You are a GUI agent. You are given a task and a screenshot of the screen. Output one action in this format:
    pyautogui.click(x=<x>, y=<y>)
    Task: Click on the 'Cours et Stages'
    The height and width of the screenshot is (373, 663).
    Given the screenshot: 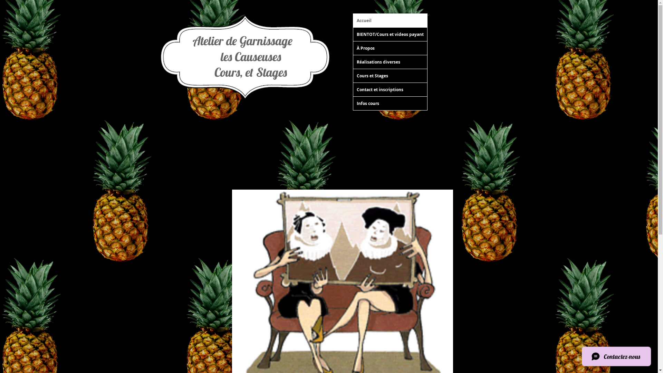 What is the action you would take?
    pyautogui.click(x=390, y=76)
    